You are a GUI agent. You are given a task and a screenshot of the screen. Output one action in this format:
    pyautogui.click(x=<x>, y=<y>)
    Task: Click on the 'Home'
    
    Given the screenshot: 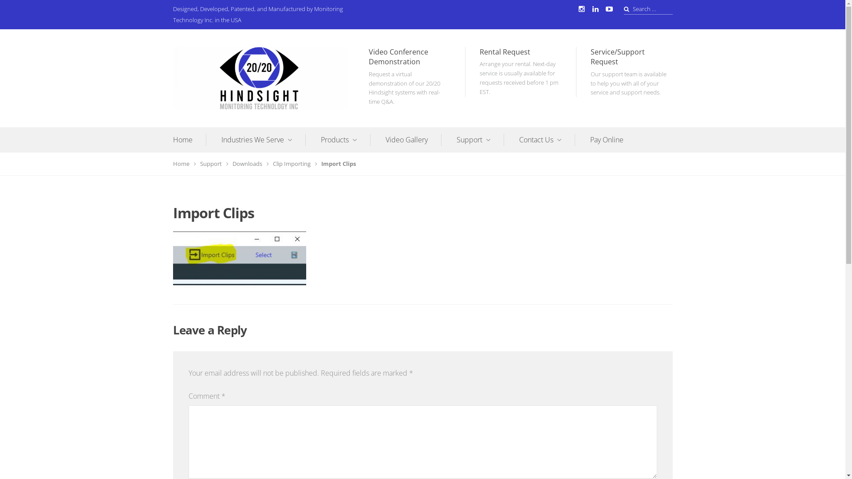 What is the action you would take?
    pyautogui.click(x=184, y=164)
    